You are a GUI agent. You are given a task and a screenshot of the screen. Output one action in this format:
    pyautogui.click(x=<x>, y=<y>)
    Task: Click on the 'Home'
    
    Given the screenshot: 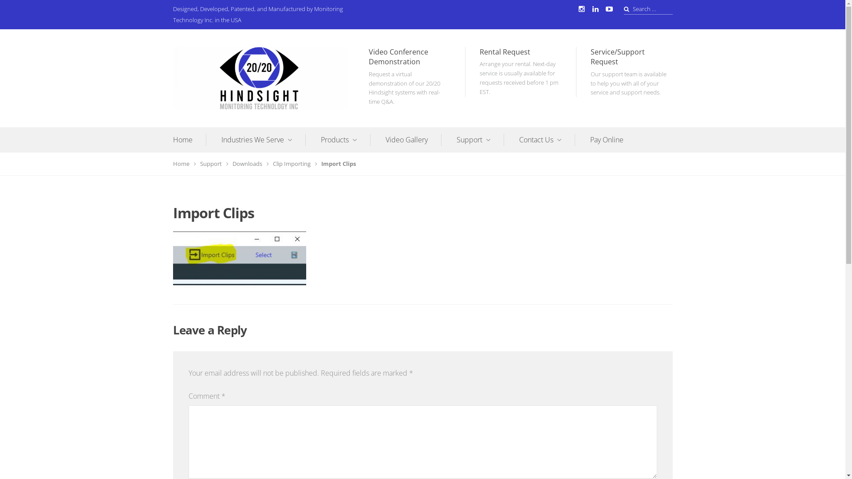 What is the action you would take?
    pyautogui.click(x=184, y=164)
    